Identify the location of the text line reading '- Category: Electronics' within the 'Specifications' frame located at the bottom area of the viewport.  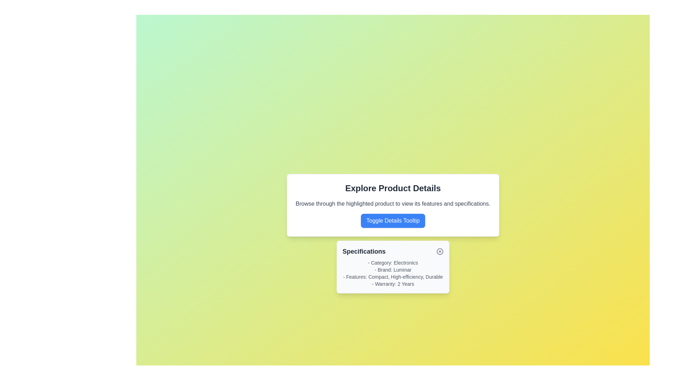
(393, 262).